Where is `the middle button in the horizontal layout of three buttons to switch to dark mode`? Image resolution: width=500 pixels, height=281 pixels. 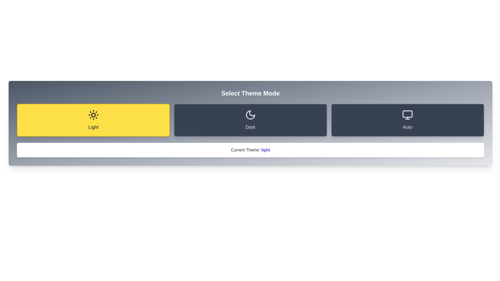 the middle button in the horizontal layout of three buttons to switch to dark mode is located at coordinates (250, 120).